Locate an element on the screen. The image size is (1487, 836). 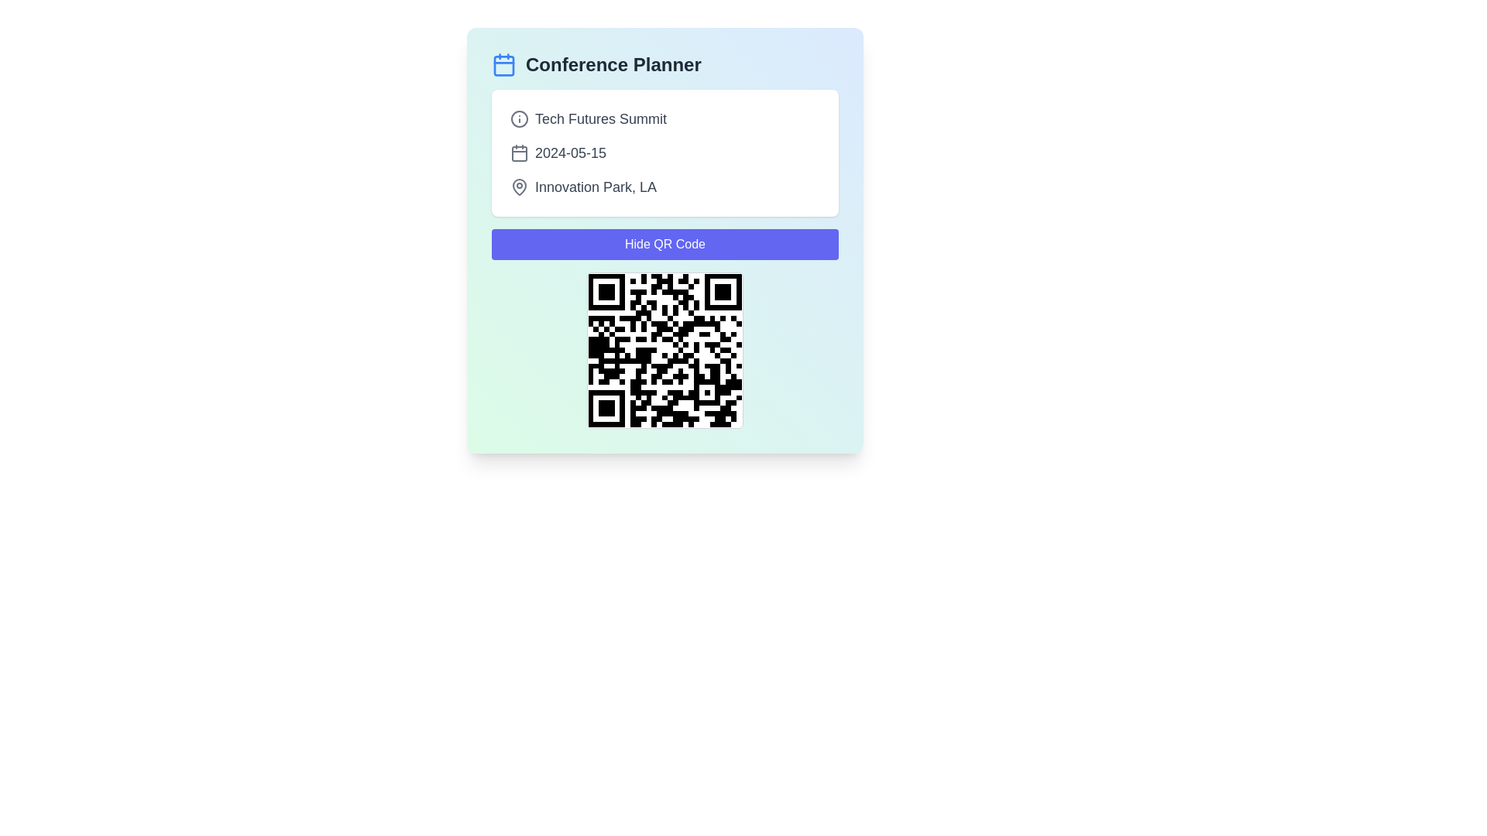
the modern blue outline calendar icon located to the left of the heading 'Conference Planner' is located at coordinates (504, 64).